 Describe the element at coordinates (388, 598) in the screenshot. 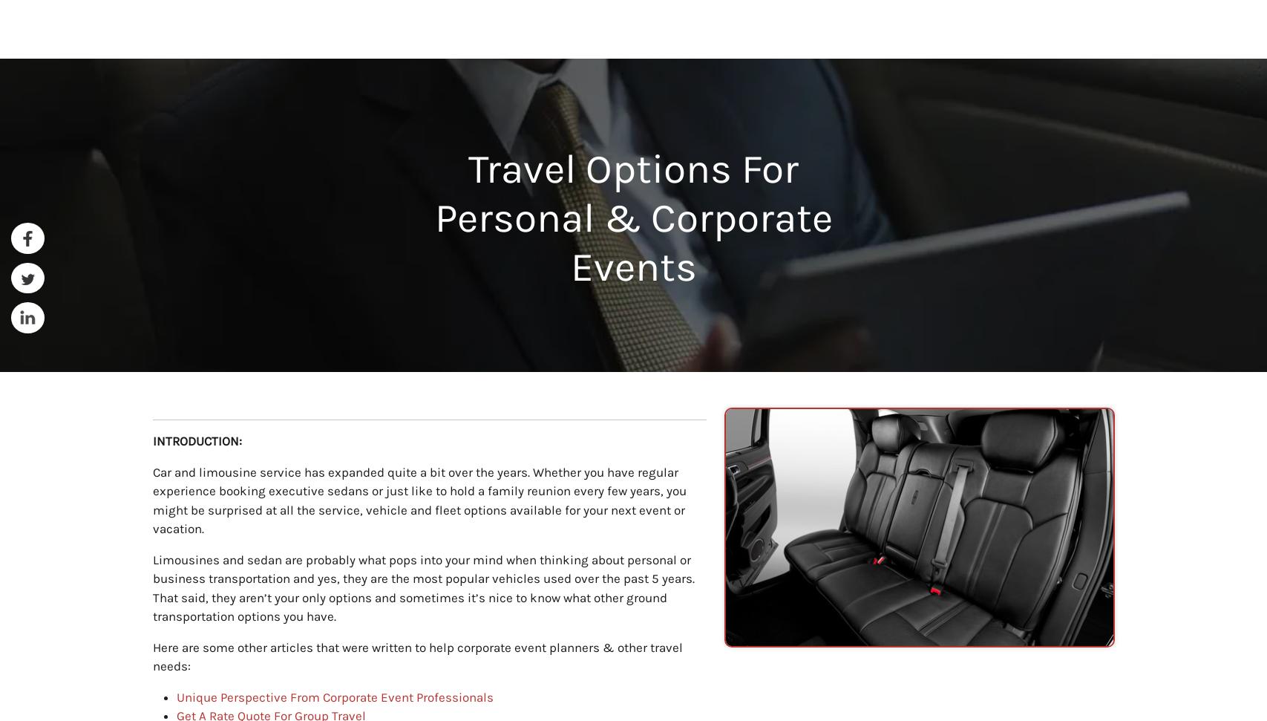

I see `'Our driver arrived a few minutes early, was professional, courteous and got us to the airport for our early morning flight without any problem! The car was immaculate and comfortable. I especially liked the 24 hour and 2 hour trip notification that was sent via email. It was reassuring to know they were following up. I highly recommend Corporate Sedan for any transportation needs!'` at that location.